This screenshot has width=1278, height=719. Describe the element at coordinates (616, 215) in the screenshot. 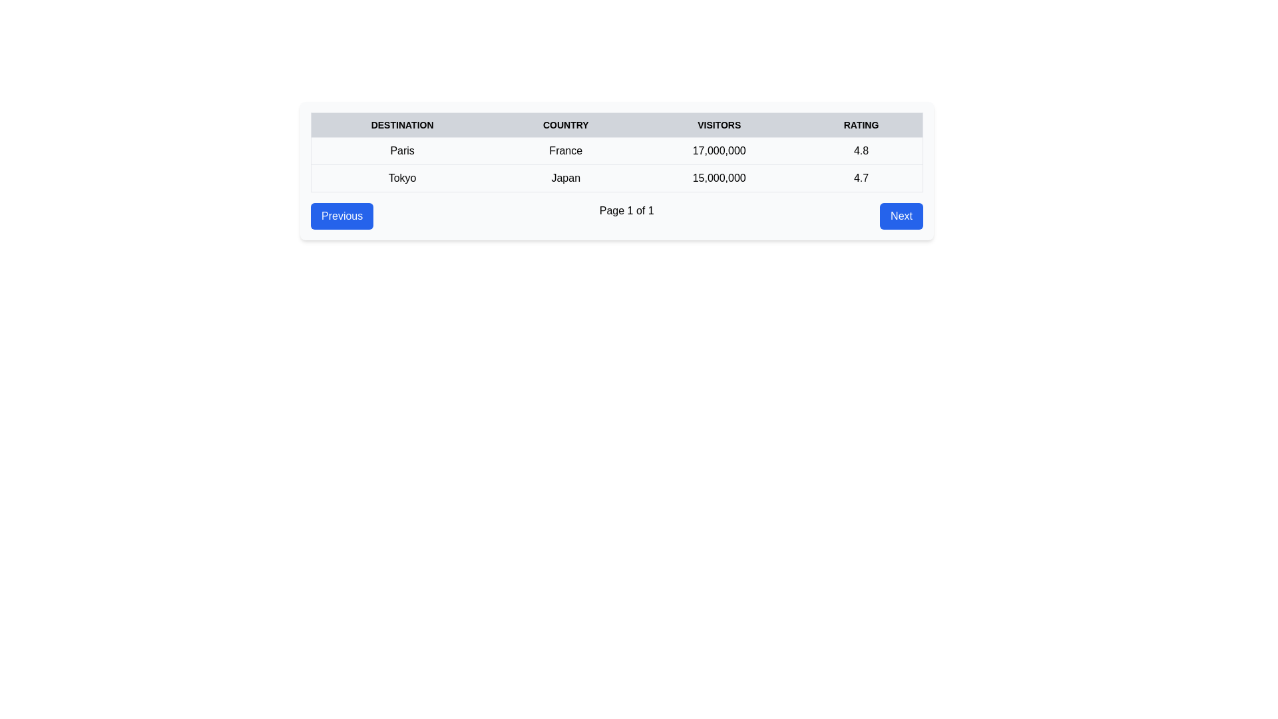

I see `'Page 1 of 1' text label in the center of the Pagination control to understand the current page number` at that location.